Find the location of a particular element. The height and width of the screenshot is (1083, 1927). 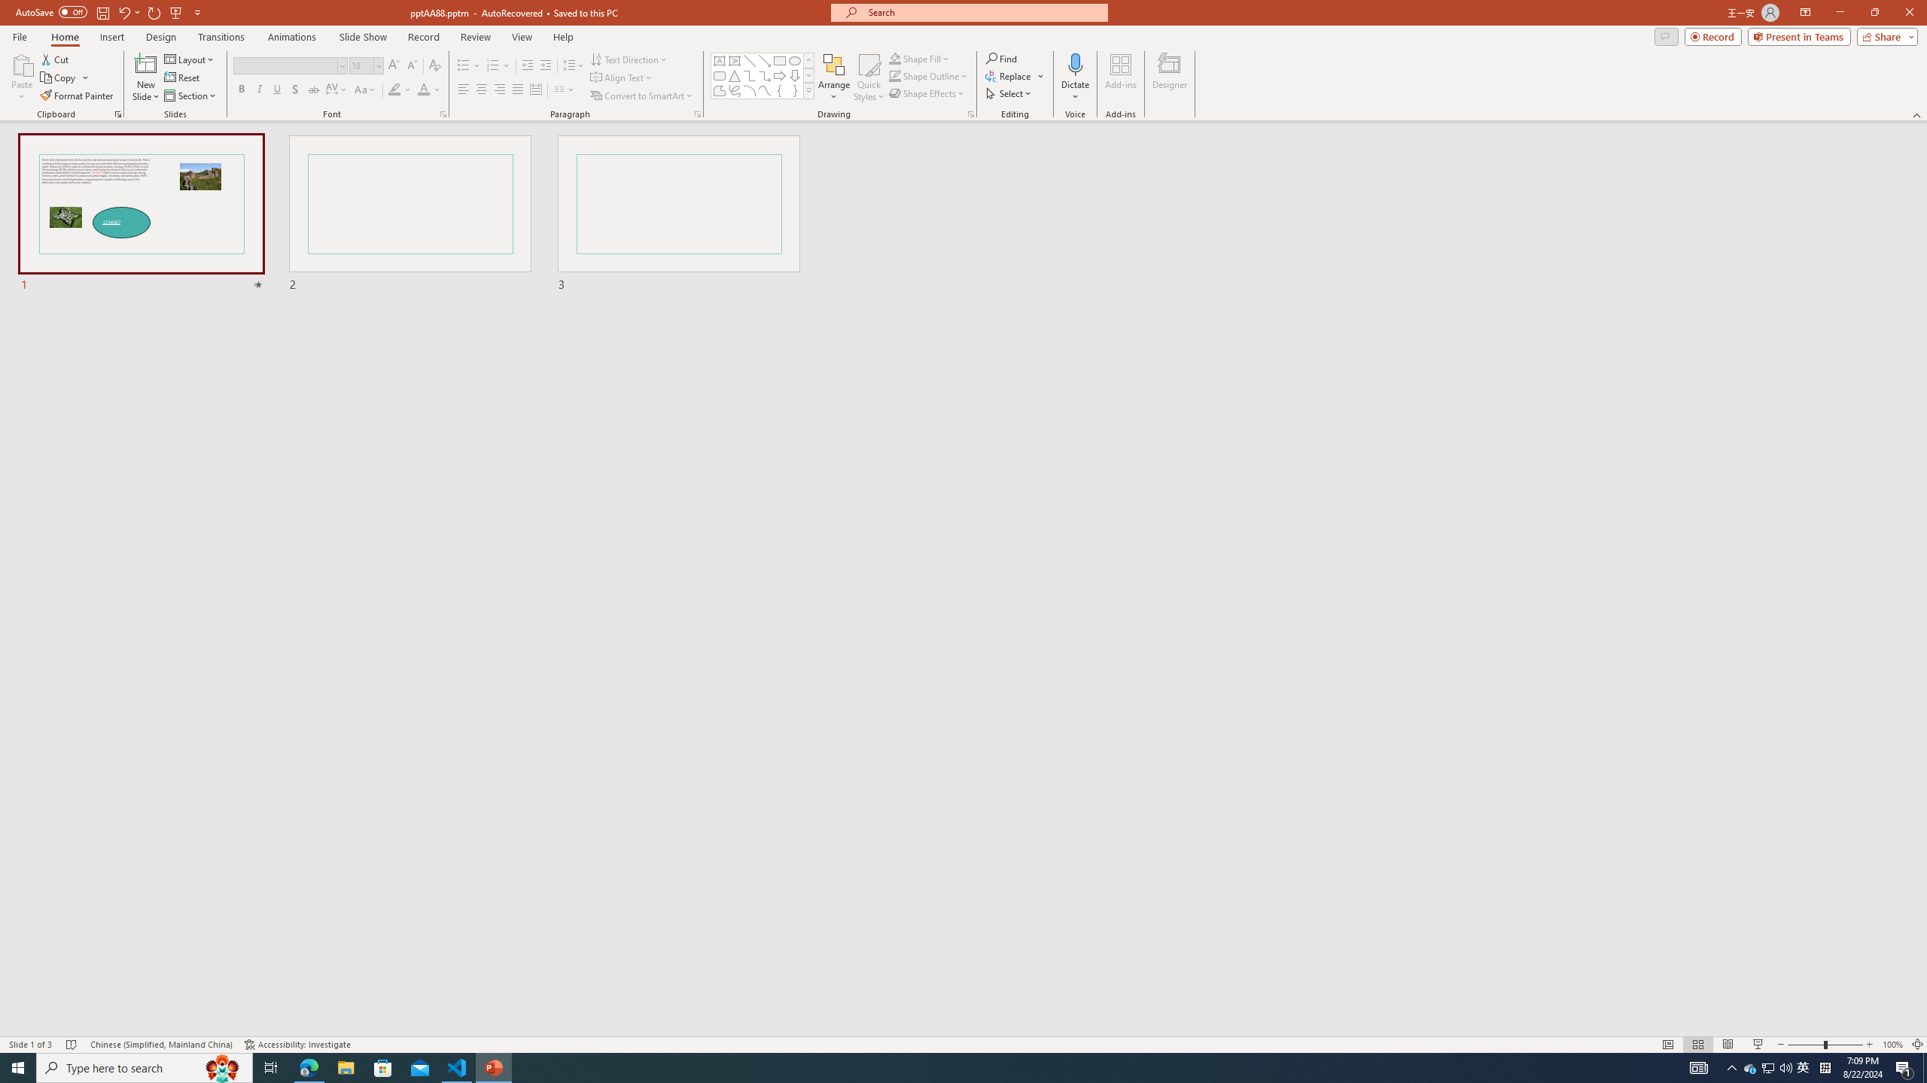

'Dictate' is located at coordinates (1074, 77).